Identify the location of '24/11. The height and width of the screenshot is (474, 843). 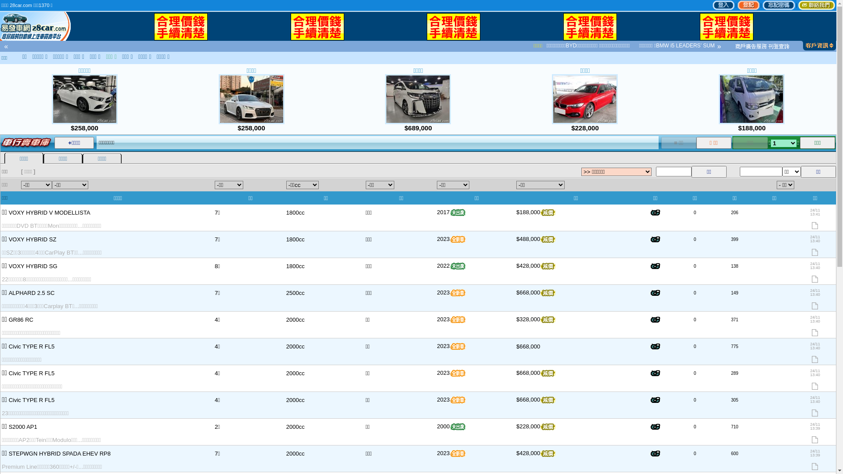
(794, 270).